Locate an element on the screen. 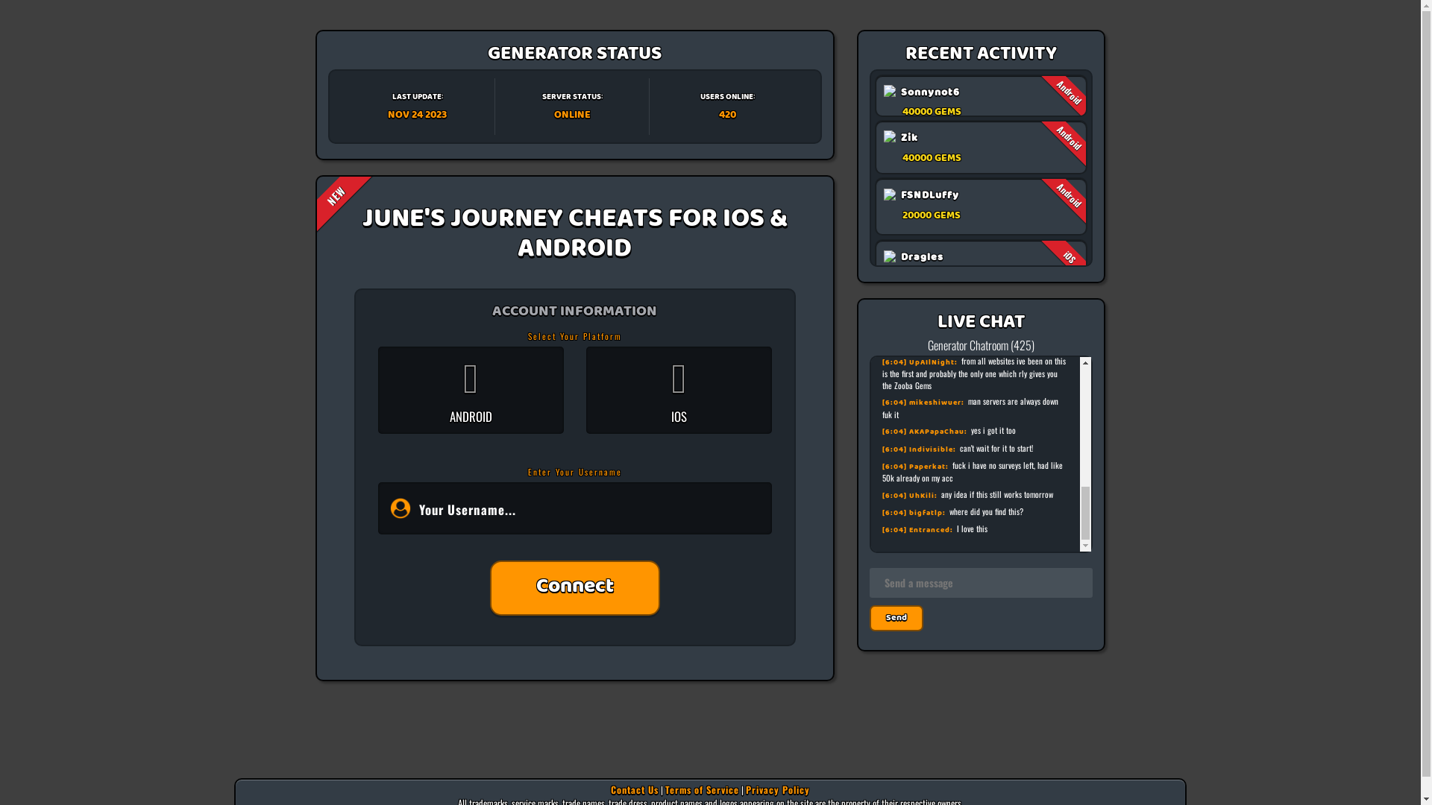 This screenshot has height=805, width=1432. 'Connect' is located at coordinates (574, 587).